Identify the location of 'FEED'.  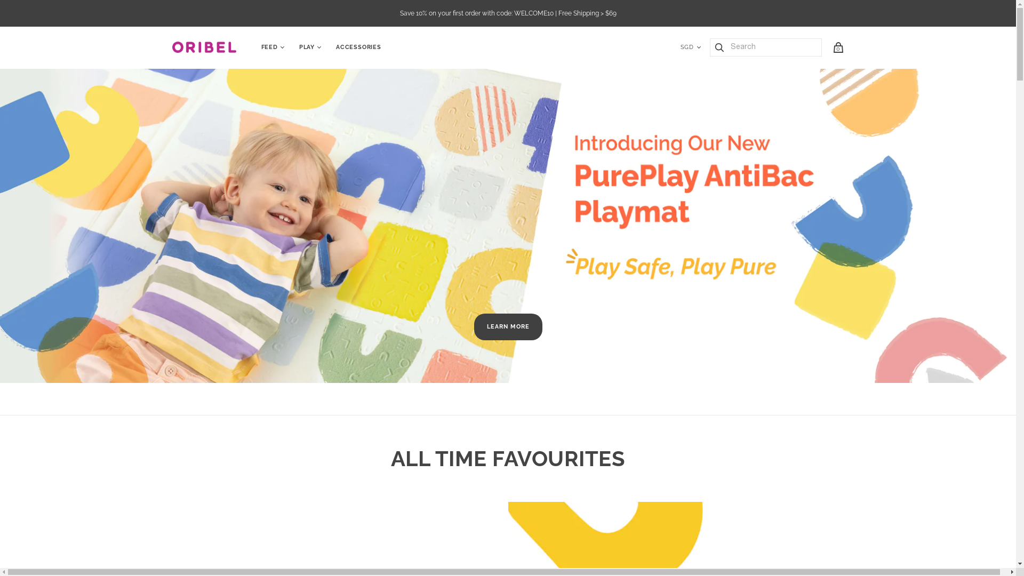
(269, 47).